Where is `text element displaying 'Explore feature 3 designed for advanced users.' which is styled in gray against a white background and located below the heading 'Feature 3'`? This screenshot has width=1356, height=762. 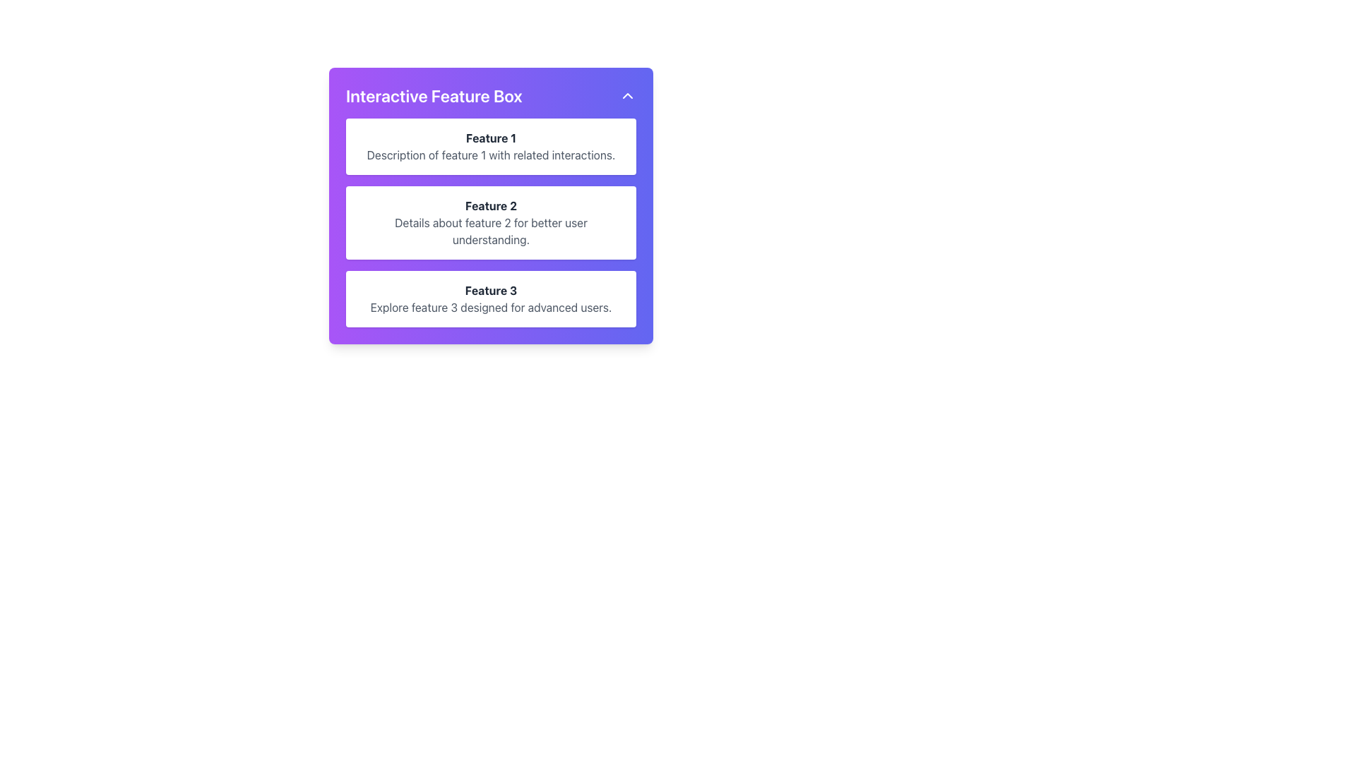 text element displaying 'Explore feature 3 designed for advanced users.' which is styled in gray against a white background and located below the heading 'Feature 3' is located at coordinates (491, 306).